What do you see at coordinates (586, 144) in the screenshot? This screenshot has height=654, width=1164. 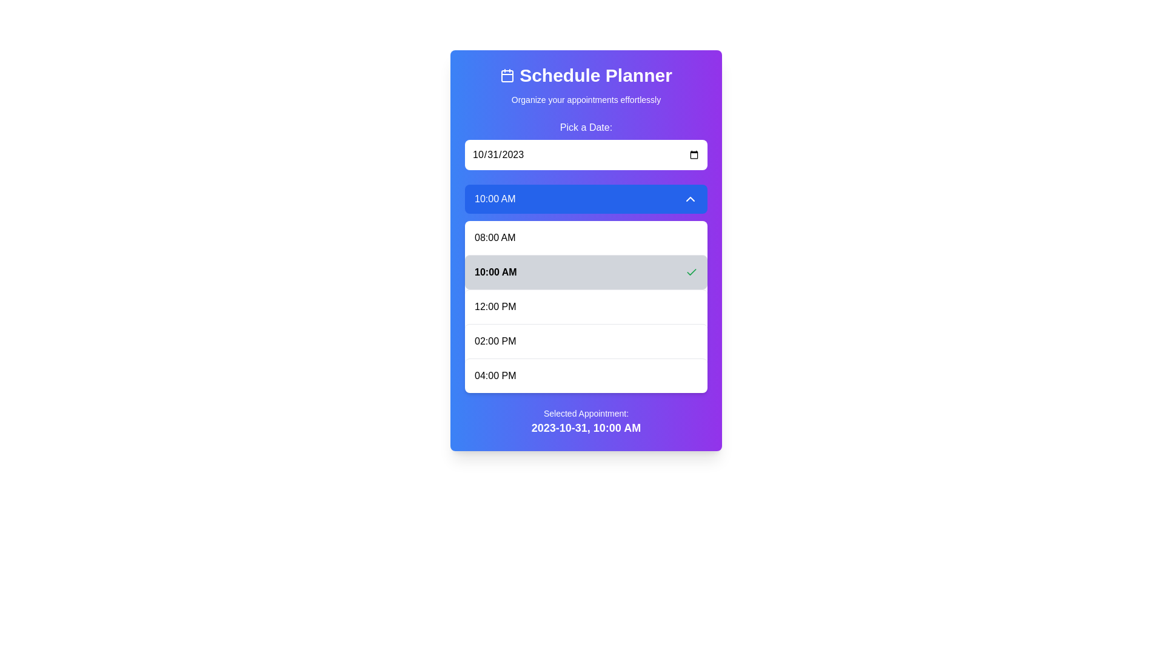 I see `the calendar icon next to the date selection input field labeled 'Pick a Date:'` at bounding box center [586, 144].